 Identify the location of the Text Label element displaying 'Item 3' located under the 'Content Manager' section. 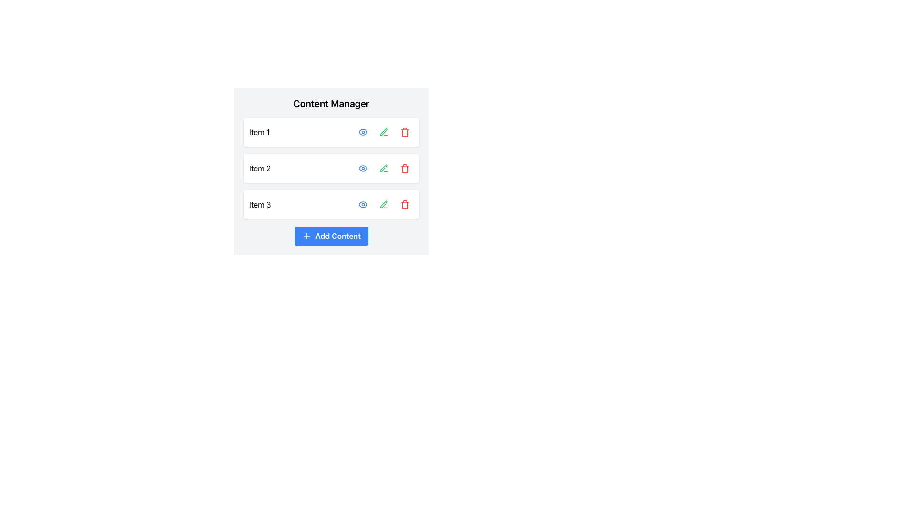
(260, 204).